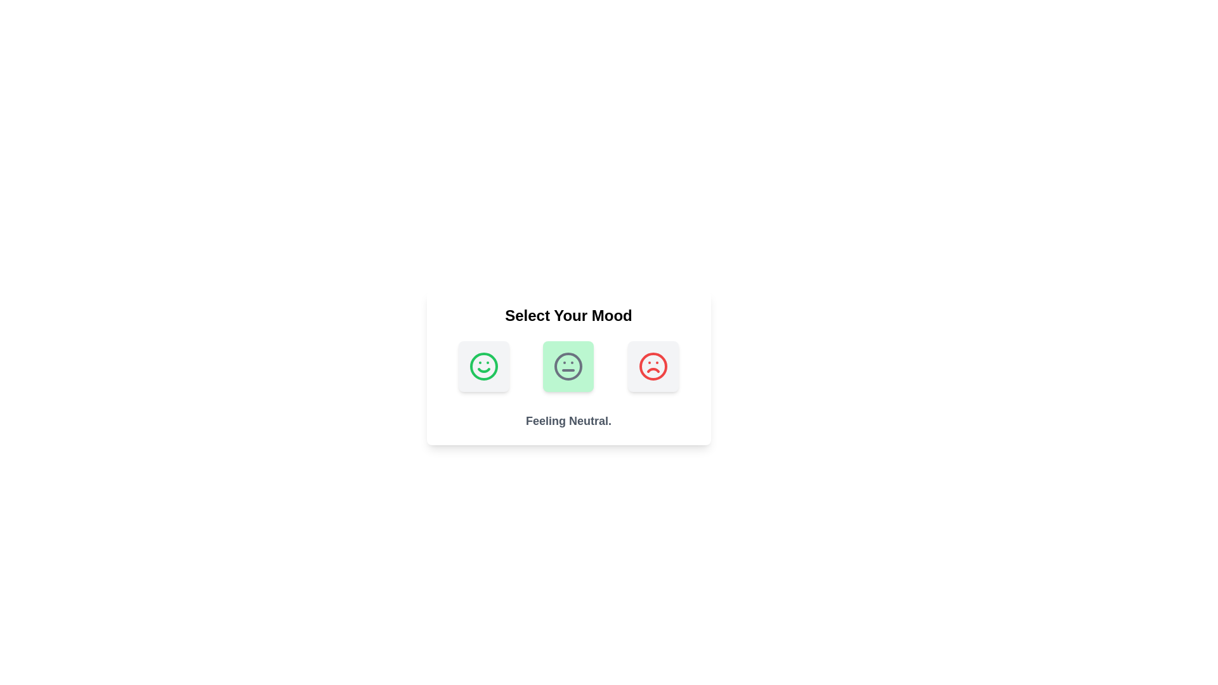 The height and width of the screenshot is (685, 1218). Describe the element at coordinates (653, 367) in the screenshot. I see `the rightmost mood selection button featuring a red frowning face icon` at that location.